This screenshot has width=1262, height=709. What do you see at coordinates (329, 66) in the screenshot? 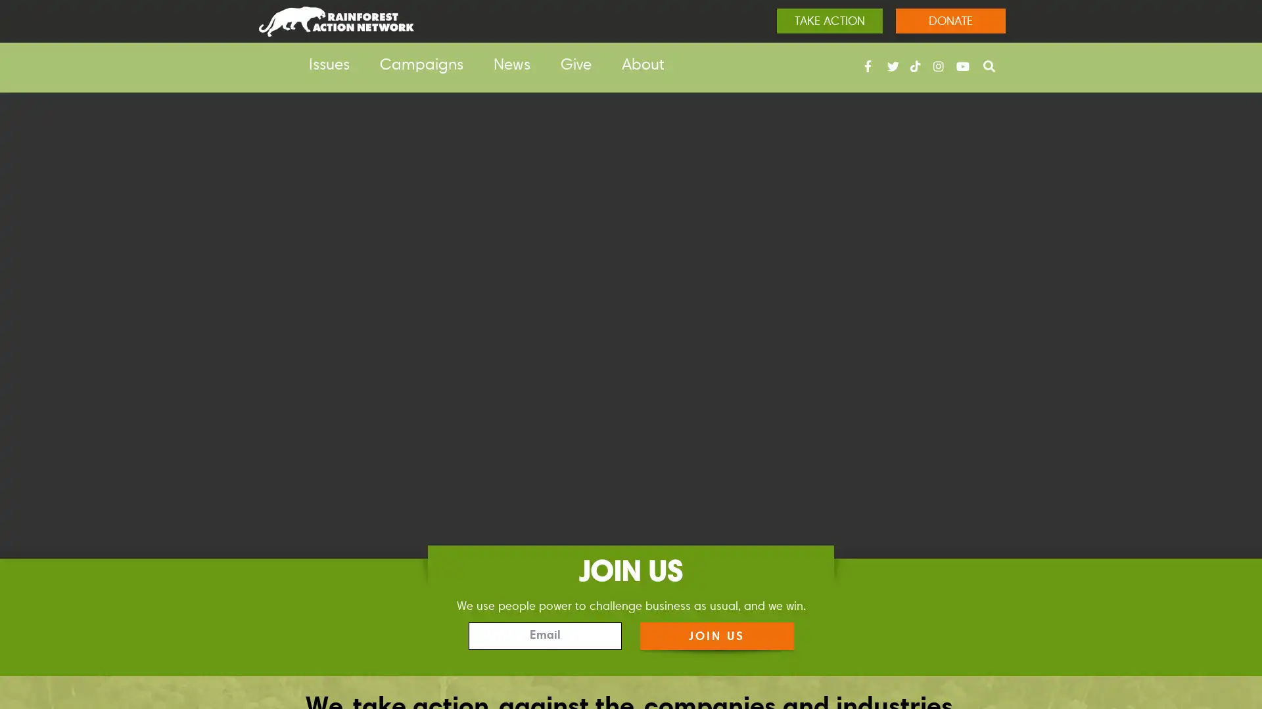
I see `Issues` at bounding box center [329, 66].